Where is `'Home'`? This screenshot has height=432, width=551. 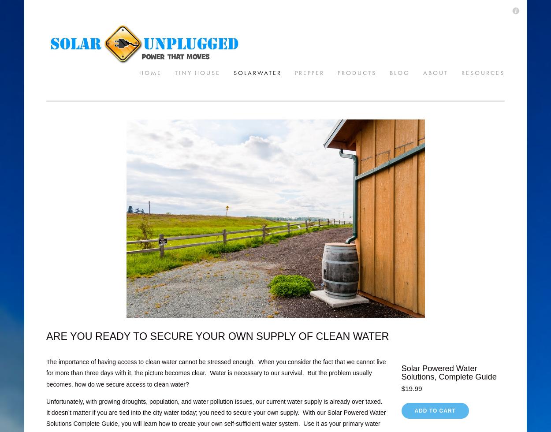
'Home' is located at coordinates (50, 16).